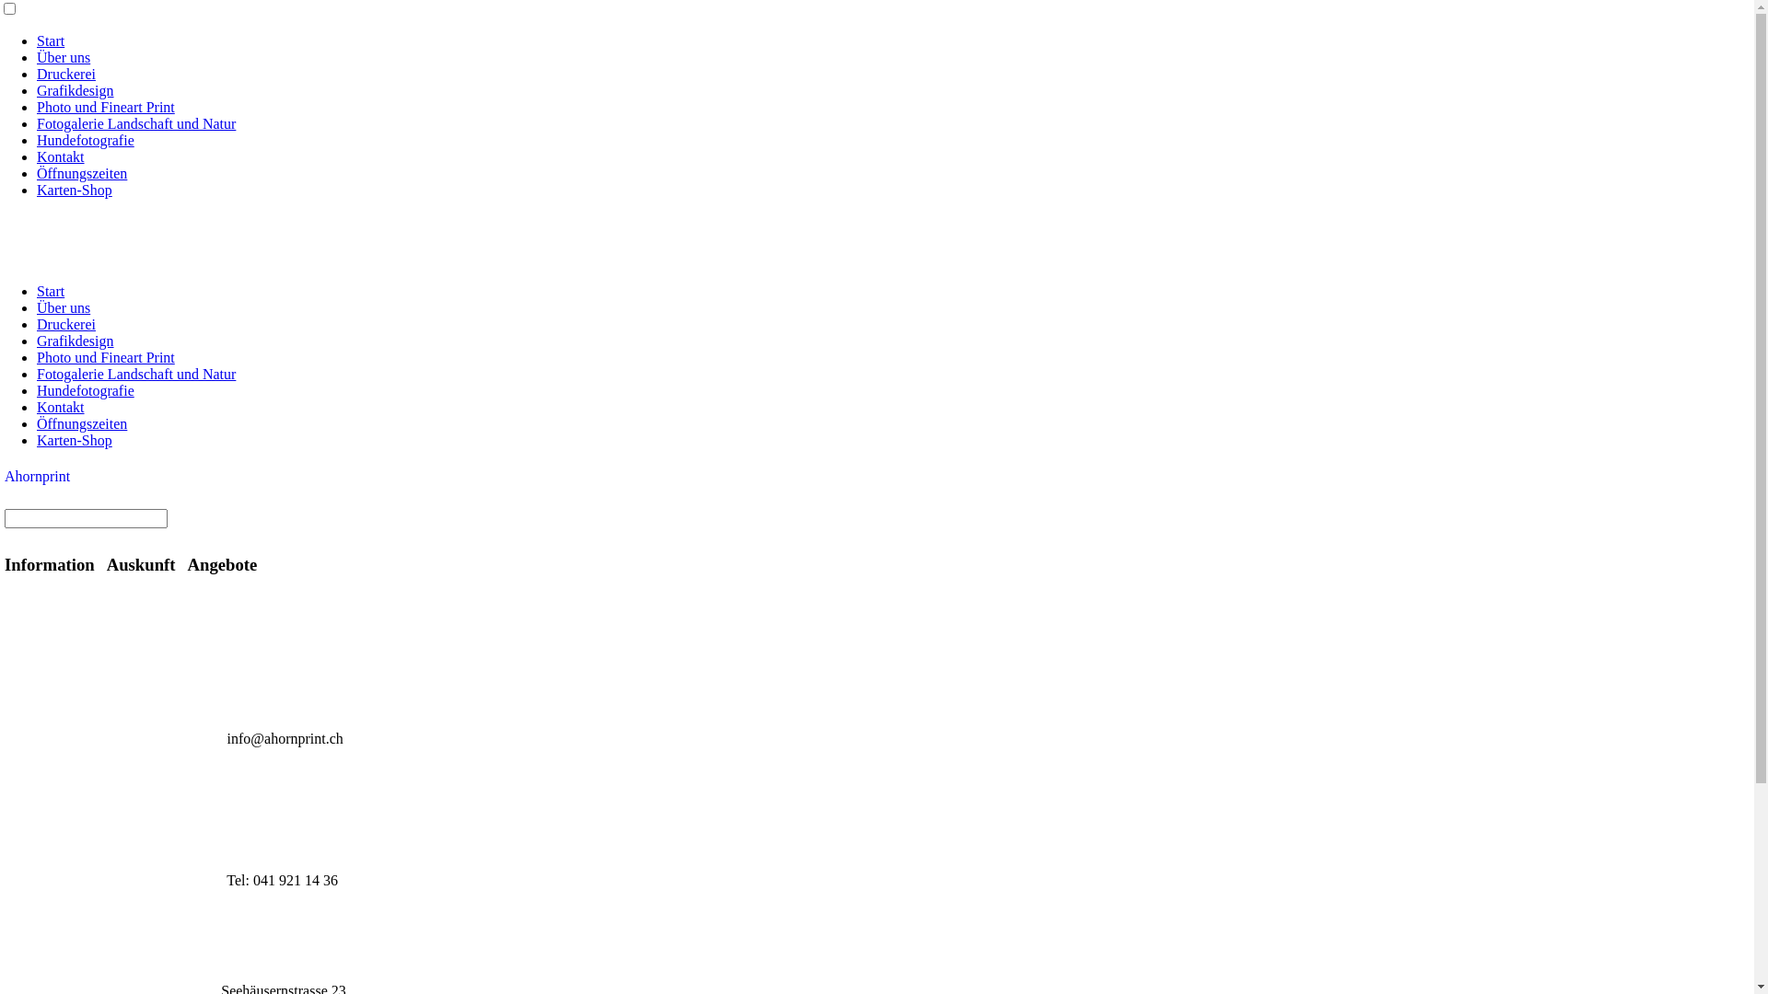  Describe the element at coordinates (61, 156) in the screenshot. I see `'Kontakt'` at that location.